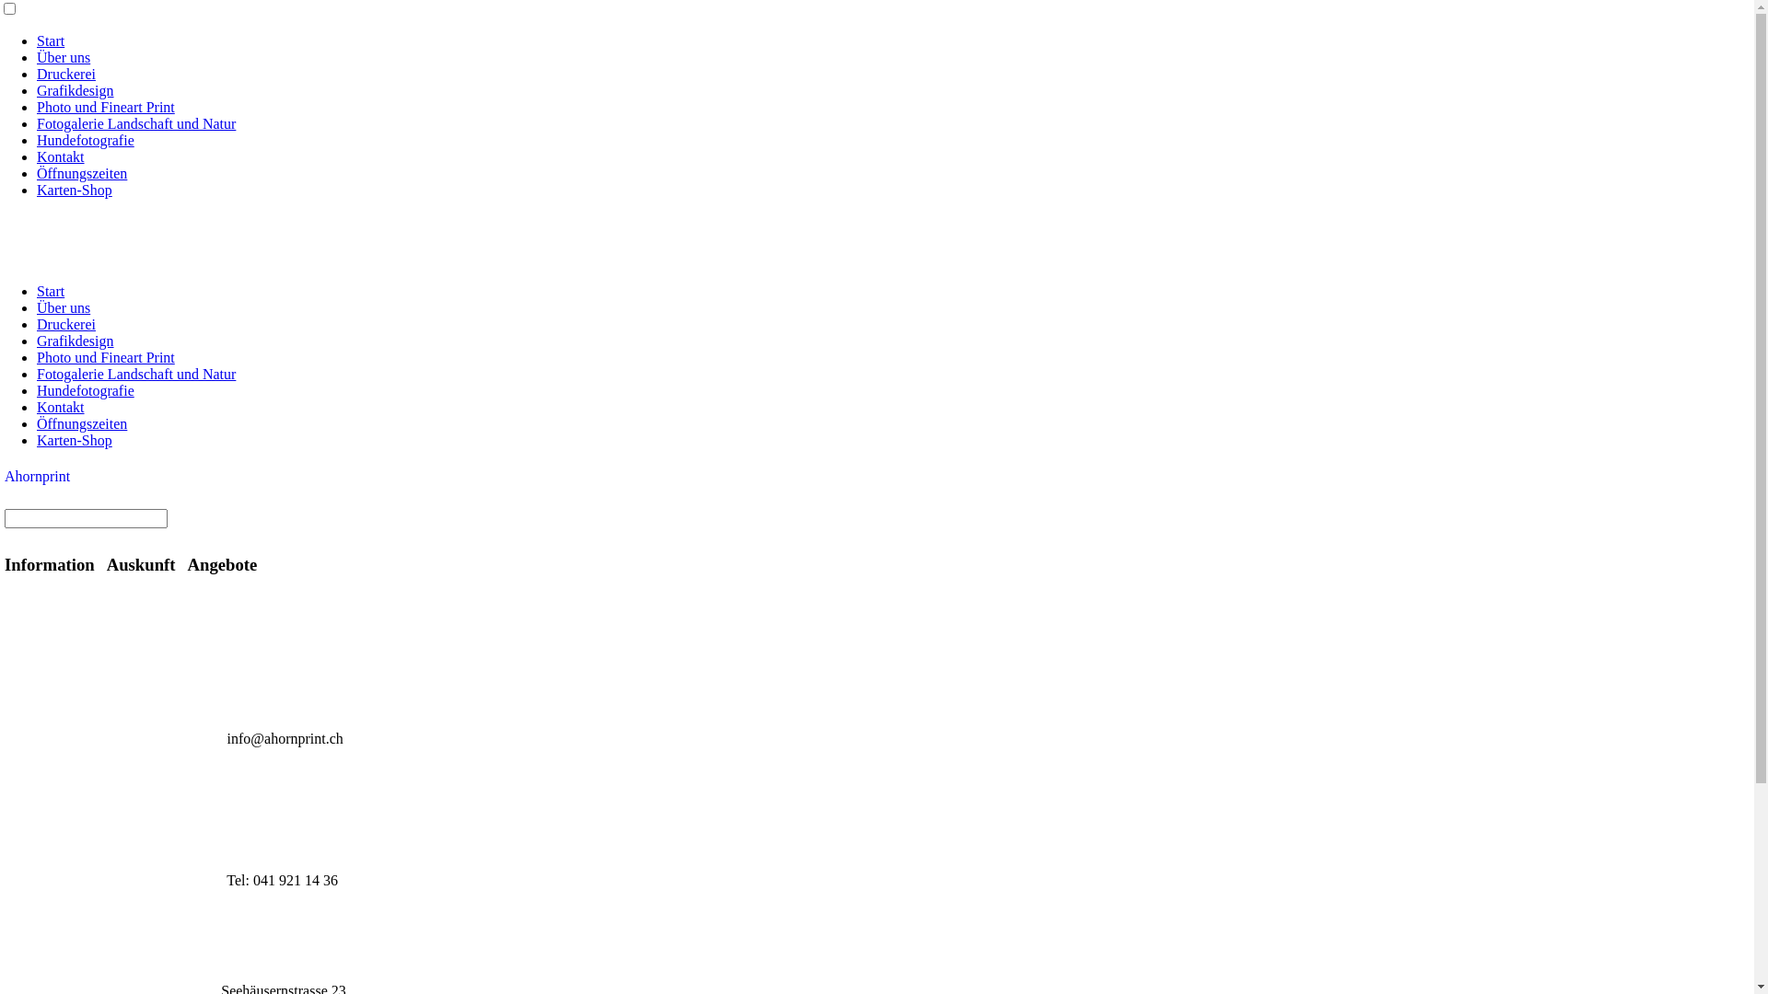  Describe the element at coordinates (61, 156) in the screenshot. I see `'Kontakt'` at that location.